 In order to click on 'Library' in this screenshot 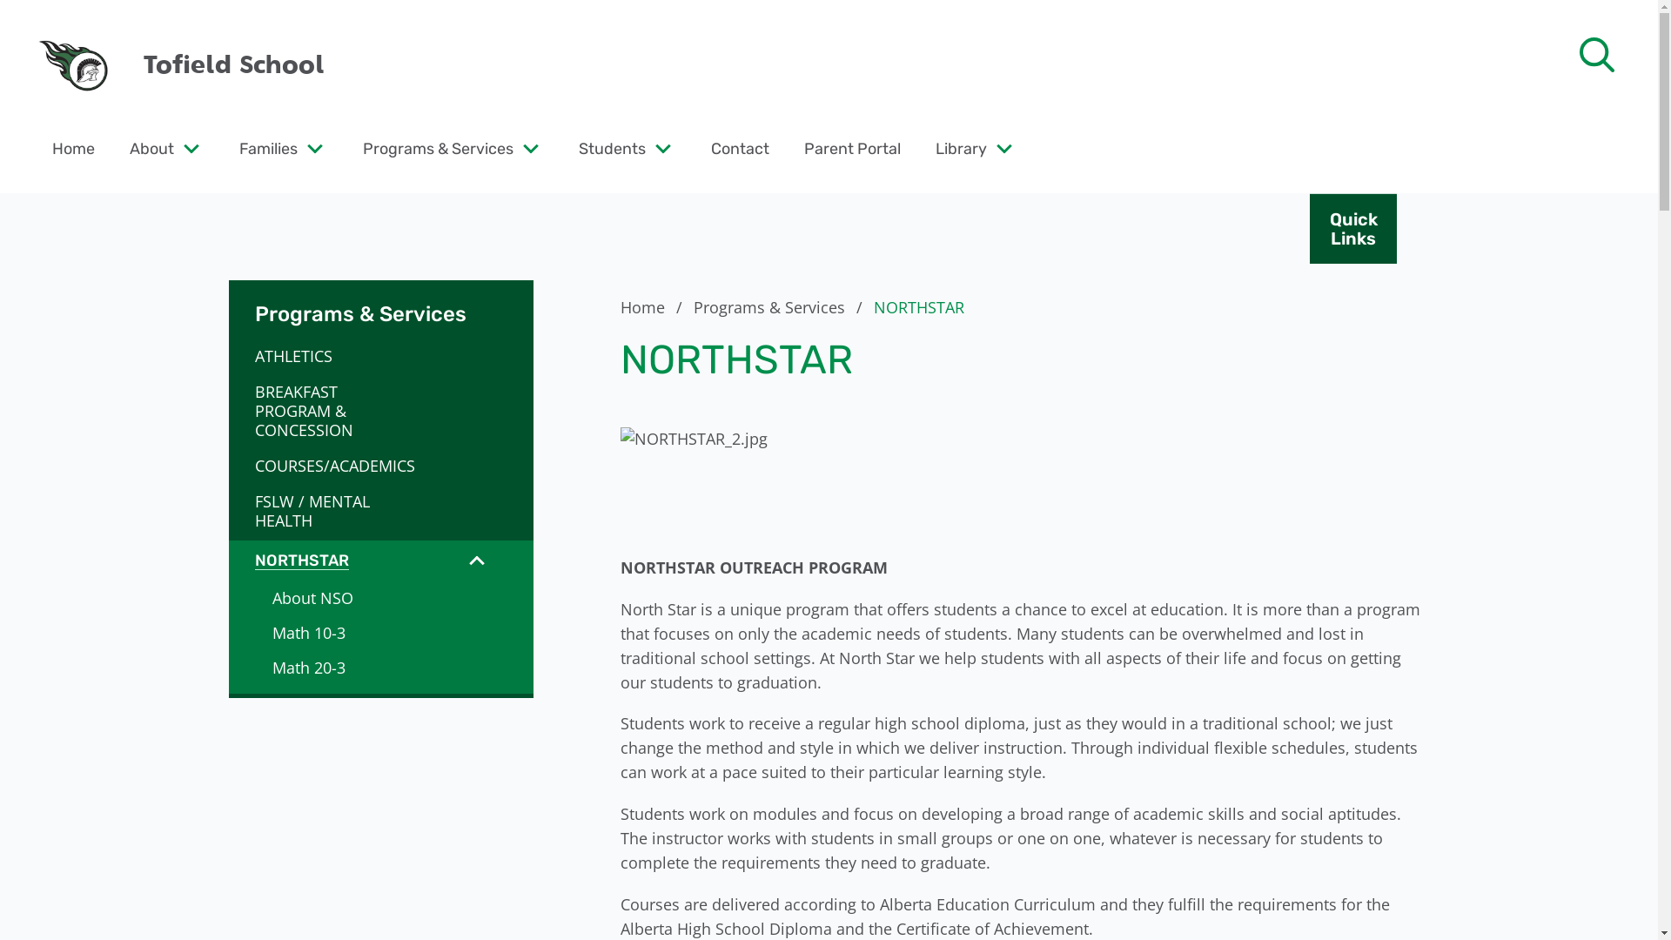, I will do `click(960, 147)`.